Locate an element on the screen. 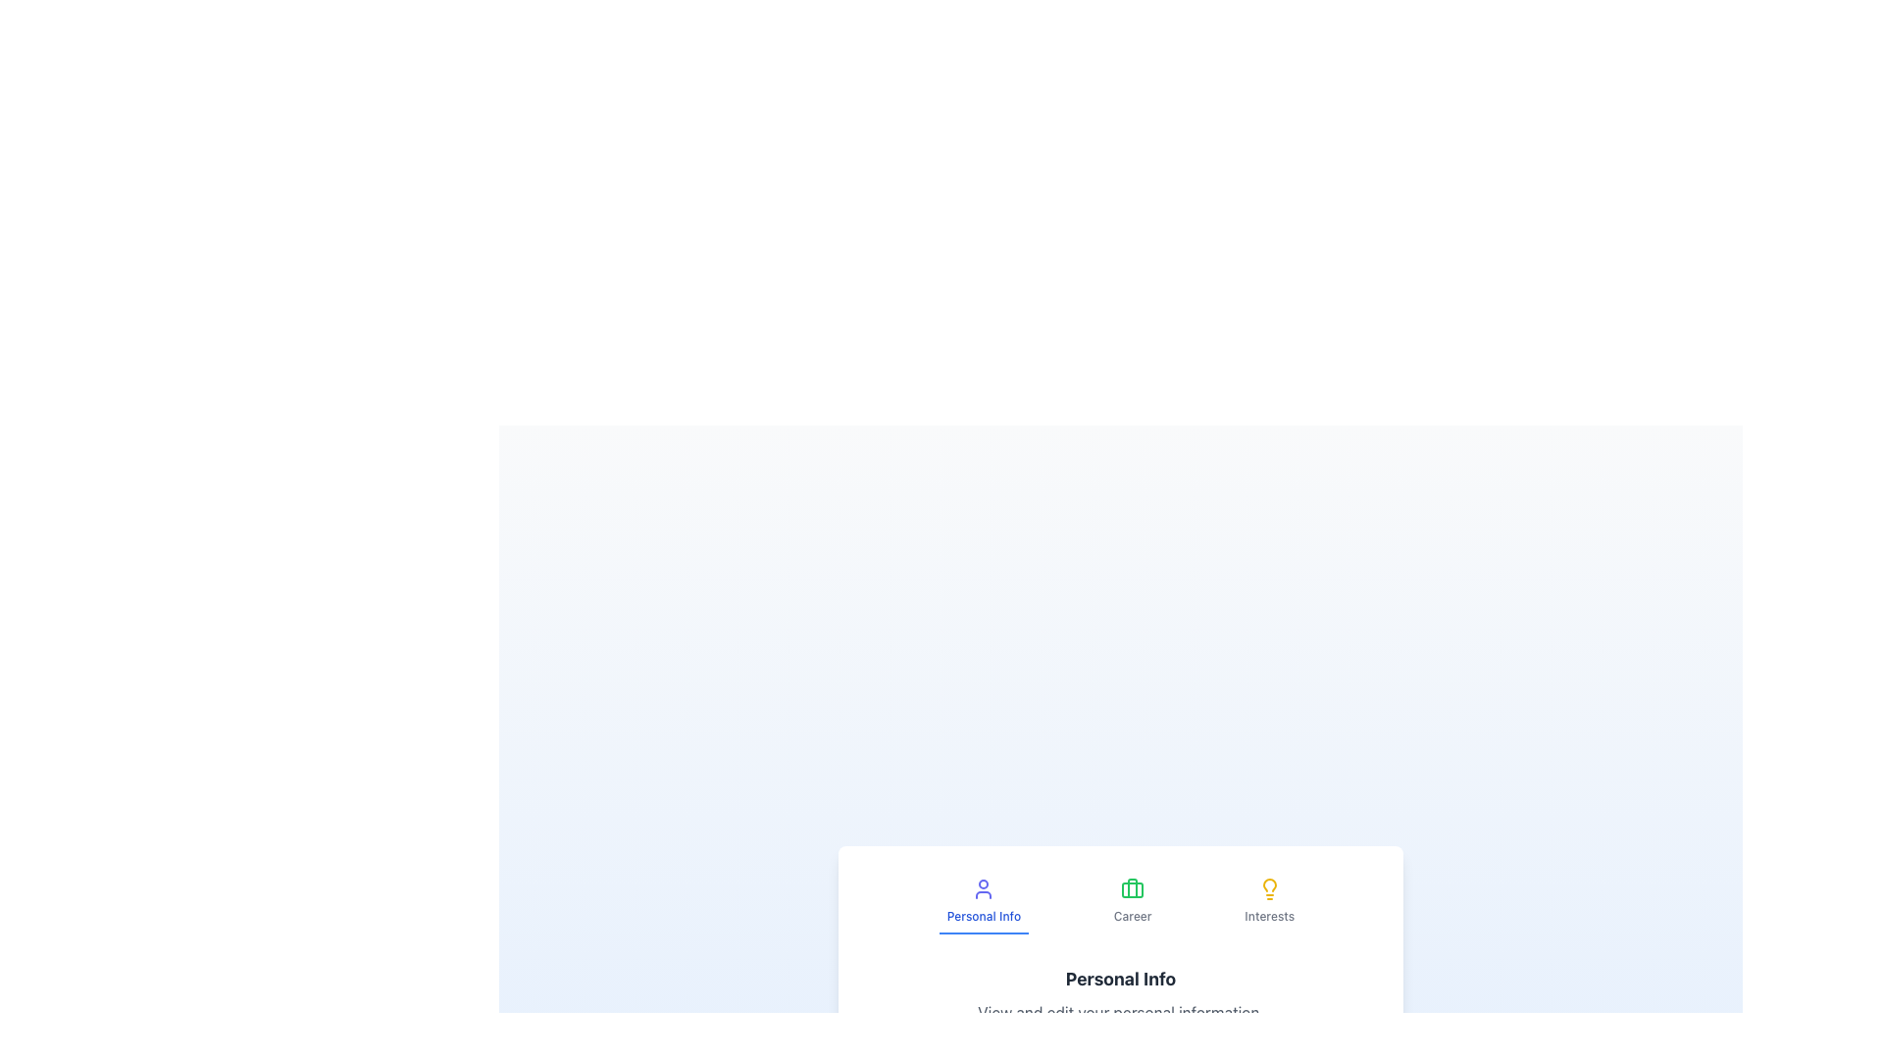  the 'Interests' button, which is a vertically aligned section with a yellow lightbulb icon and gray text that changes to blue on hover is located at coordinates (1269, 902).